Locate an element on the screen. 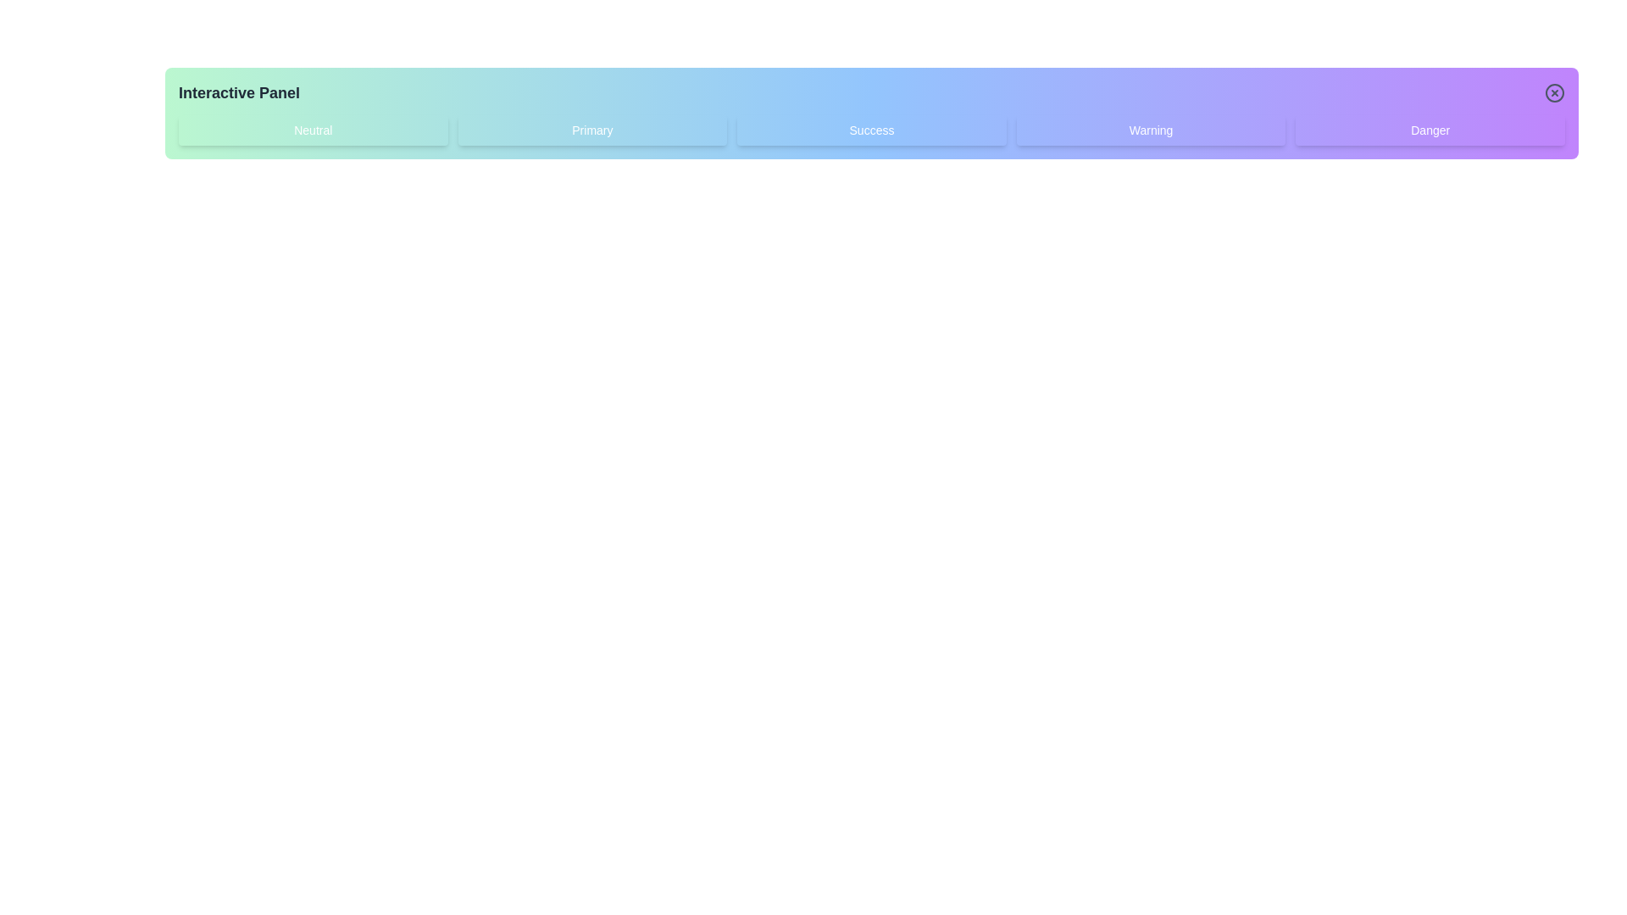 This screenshot has width=1627, height=915. the 'Success' button, which is the third button in a horizontal grid layout of five buttons is located at coordinates (871, 130).